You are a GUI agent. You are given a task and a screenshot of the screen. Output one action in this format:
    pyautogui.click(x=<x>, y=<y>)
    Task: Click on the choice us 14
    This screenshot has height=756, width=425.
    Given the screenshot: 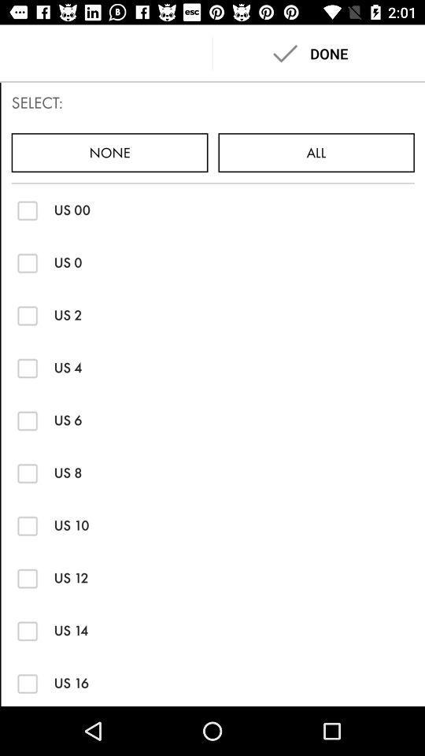 What is the action you would take?
    pyautogui.click(x=28, y=631)
    